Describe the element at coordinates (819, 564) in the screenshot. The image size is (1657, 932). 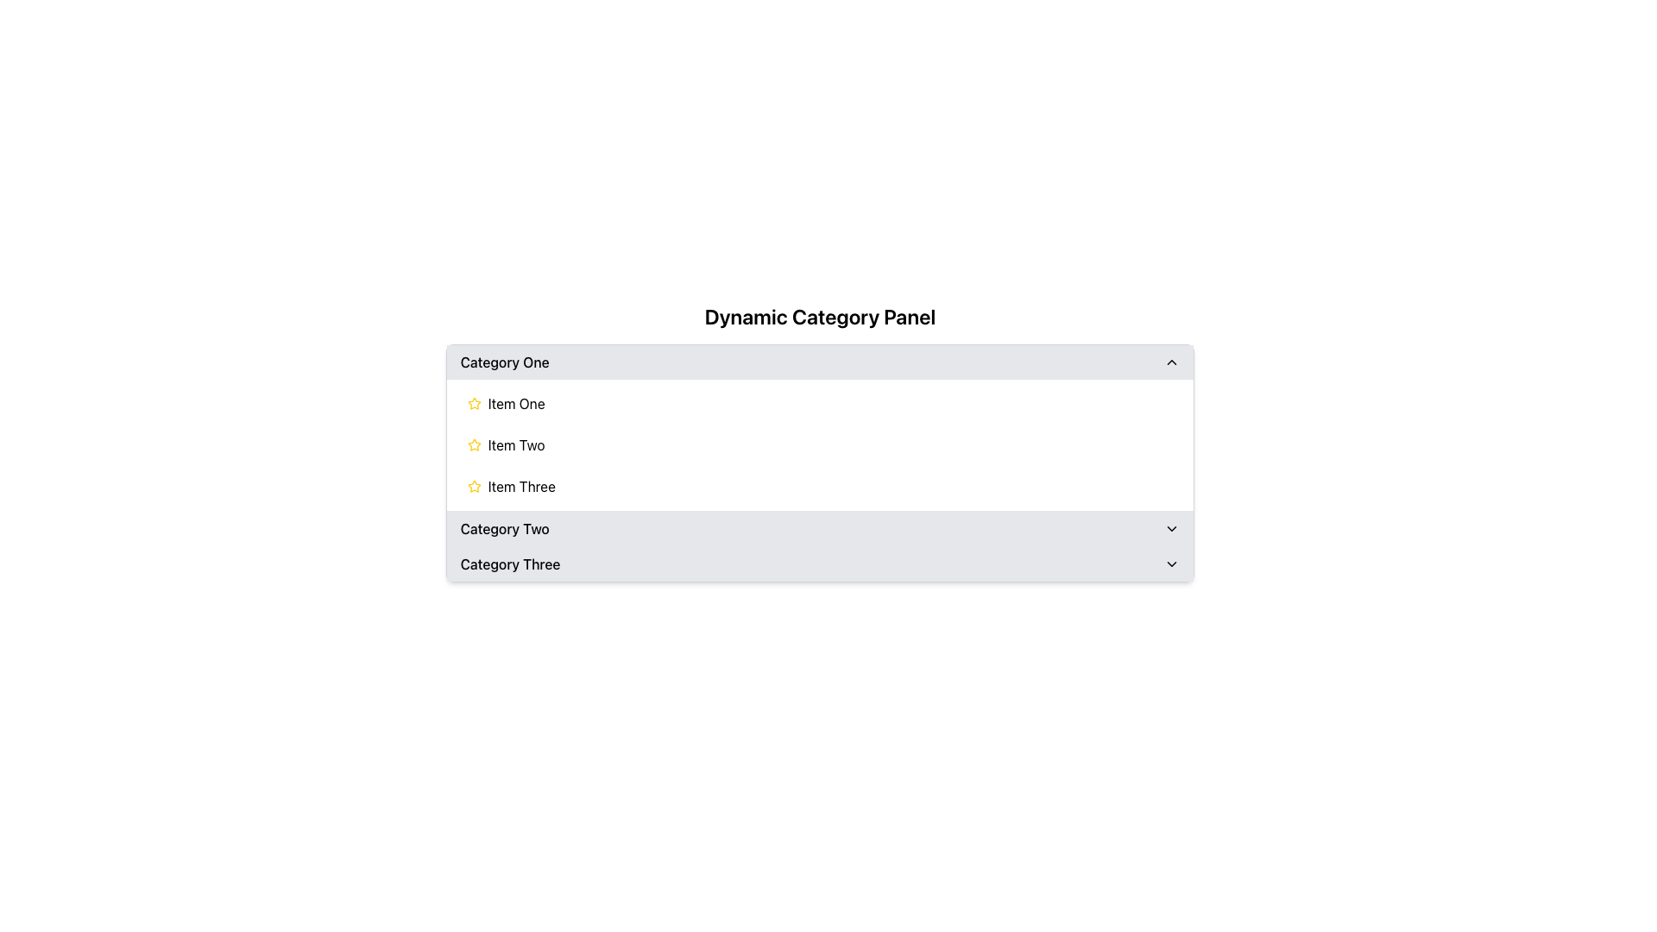
I see `the Dropdown Selector element labeled 'Category Three' with a light grey background` at that location.